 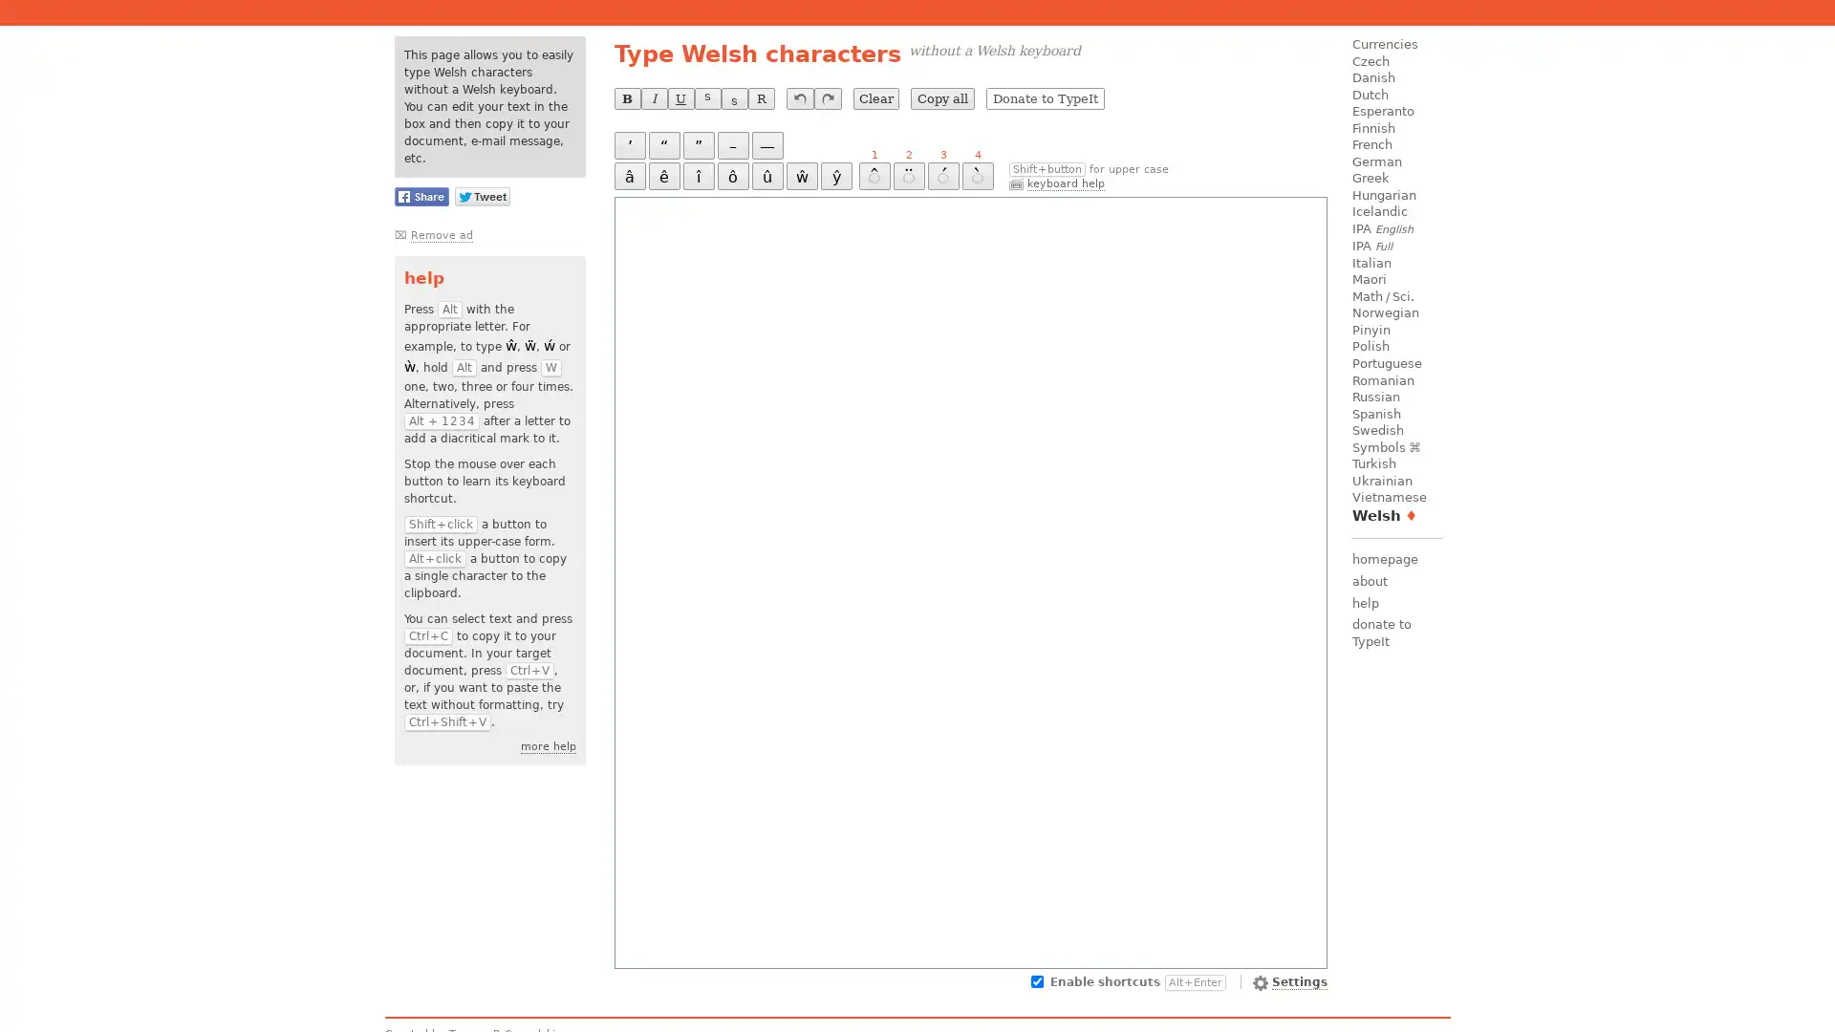 What do you see at coordinates (766, 176) in the screenshot?
I see `u` at bounding box center [766, 176].